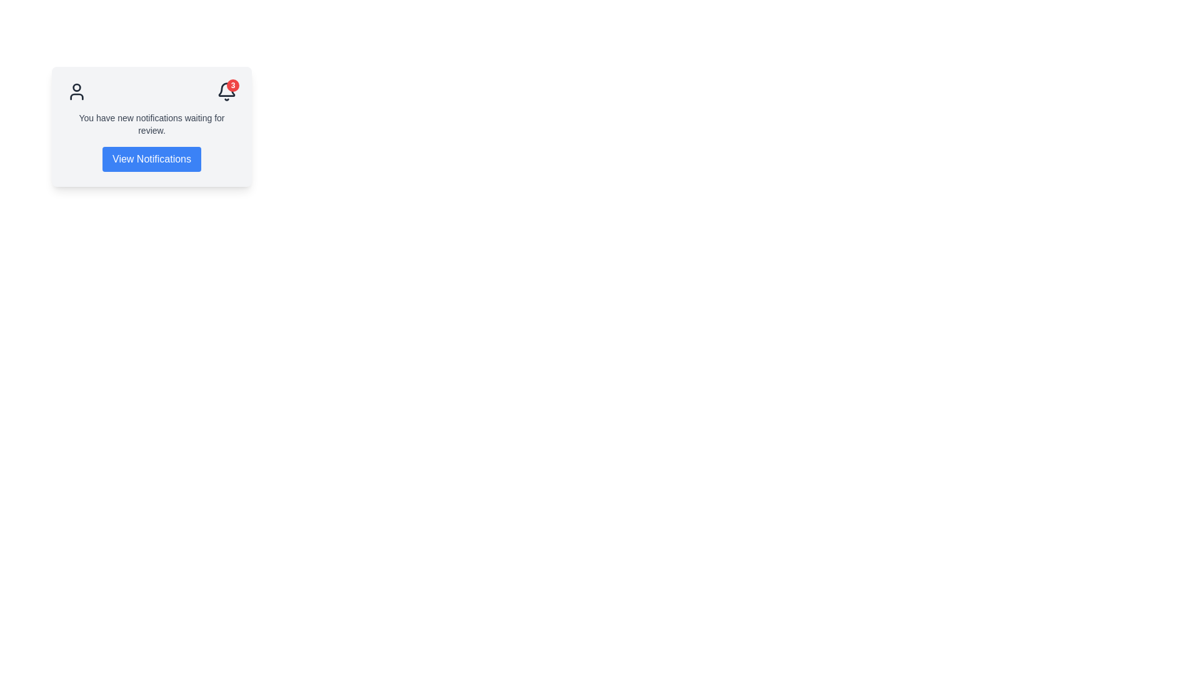 The width and height of the screenshot is (1200, 675). I want to click on the Badge (Notification Count) element, which is a small circular badge with a red background and white text displaying '3', located at the top-right corner of the notification bell icon, so click(233, 85).